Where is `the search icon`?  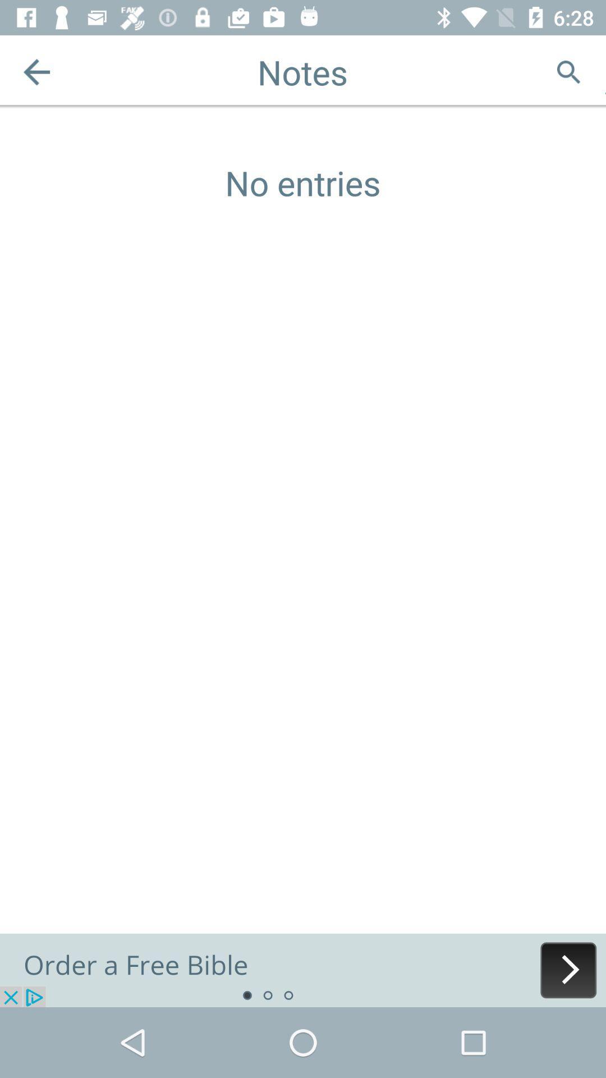 the search icon is located at coordinates (568, 71).